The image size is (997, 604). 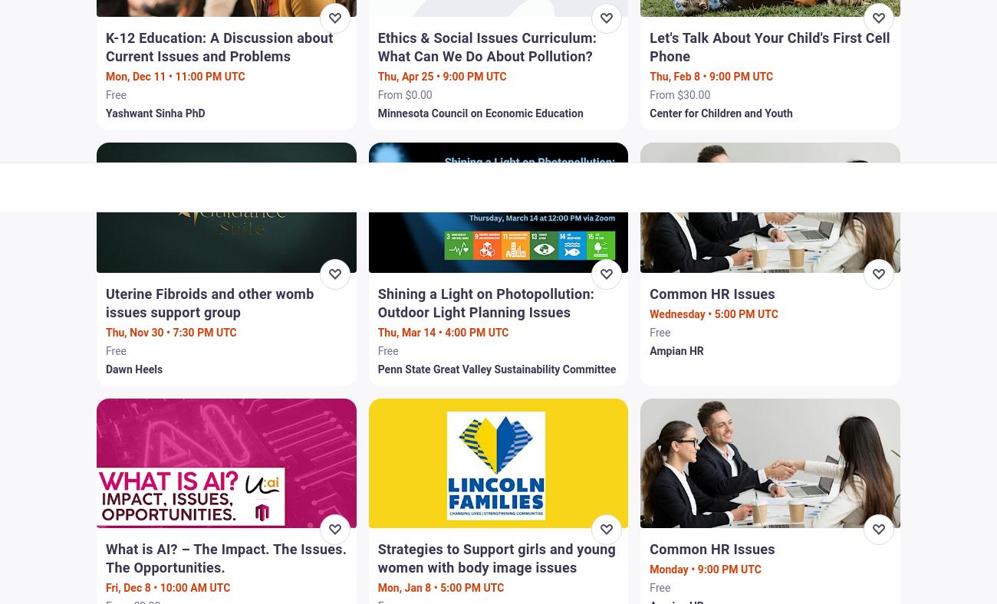 What do you see at coordinates (496, 367) in the screenshot?
I see `'Penn State Great Valley Sustainability Committee'` at bounding box center [496, 367].